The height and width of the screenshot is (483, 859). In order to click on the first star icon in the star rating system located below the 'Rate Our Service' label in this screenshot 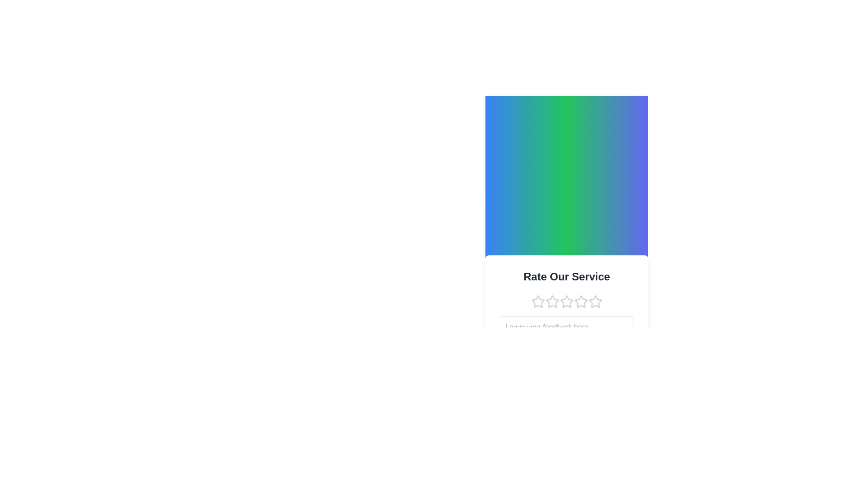, I will do `click(538, 301)`.